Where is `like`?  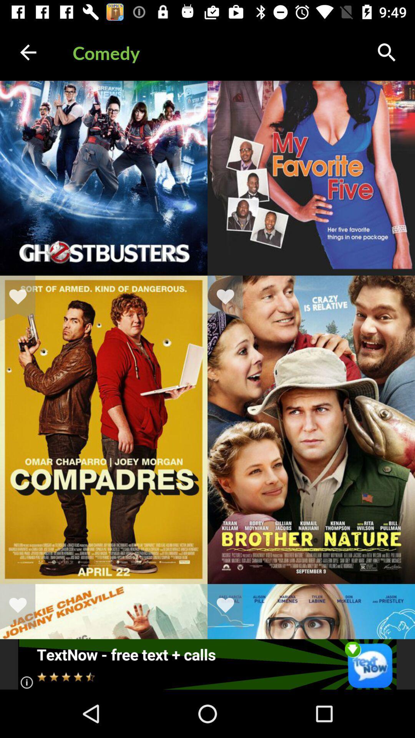 like is located at coordinates (22, 298).